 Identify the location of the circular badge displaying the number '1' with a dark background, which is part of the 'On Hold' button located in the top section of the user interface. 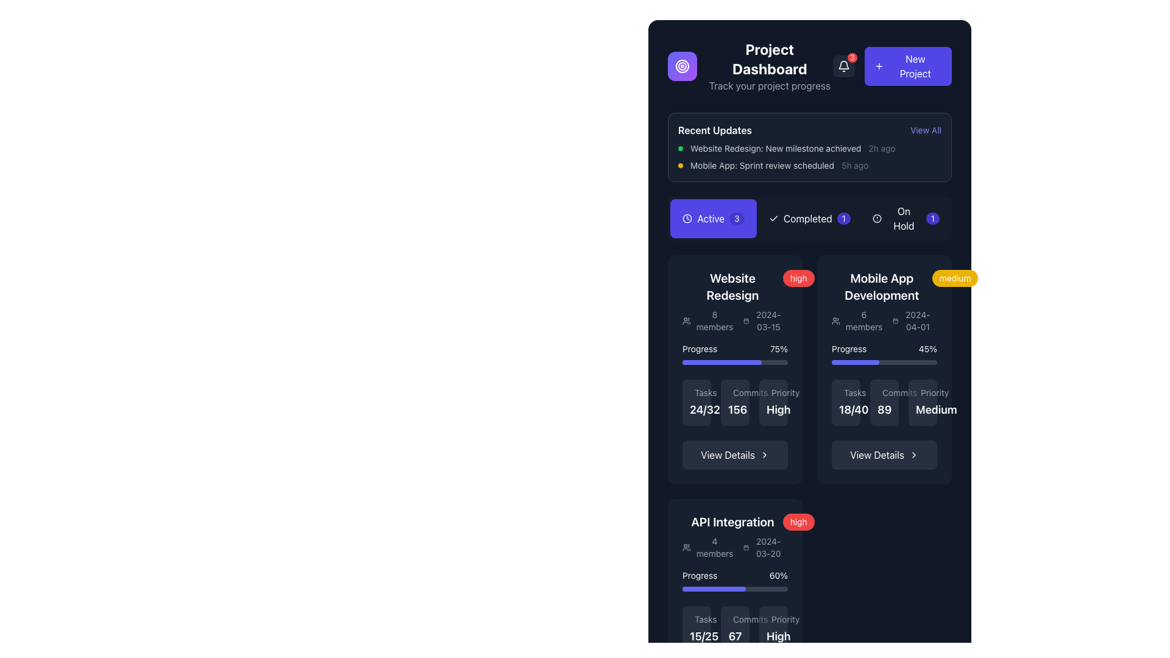
(932, 218).